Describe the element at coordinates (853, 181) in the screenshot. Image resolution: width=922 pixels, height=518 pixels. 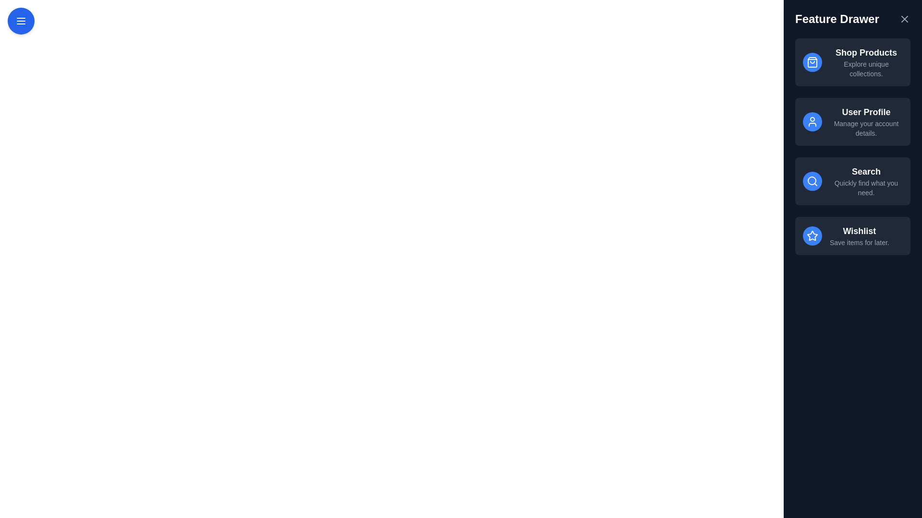
I see `the feature item corresponding to Search in the drawer` at that location.